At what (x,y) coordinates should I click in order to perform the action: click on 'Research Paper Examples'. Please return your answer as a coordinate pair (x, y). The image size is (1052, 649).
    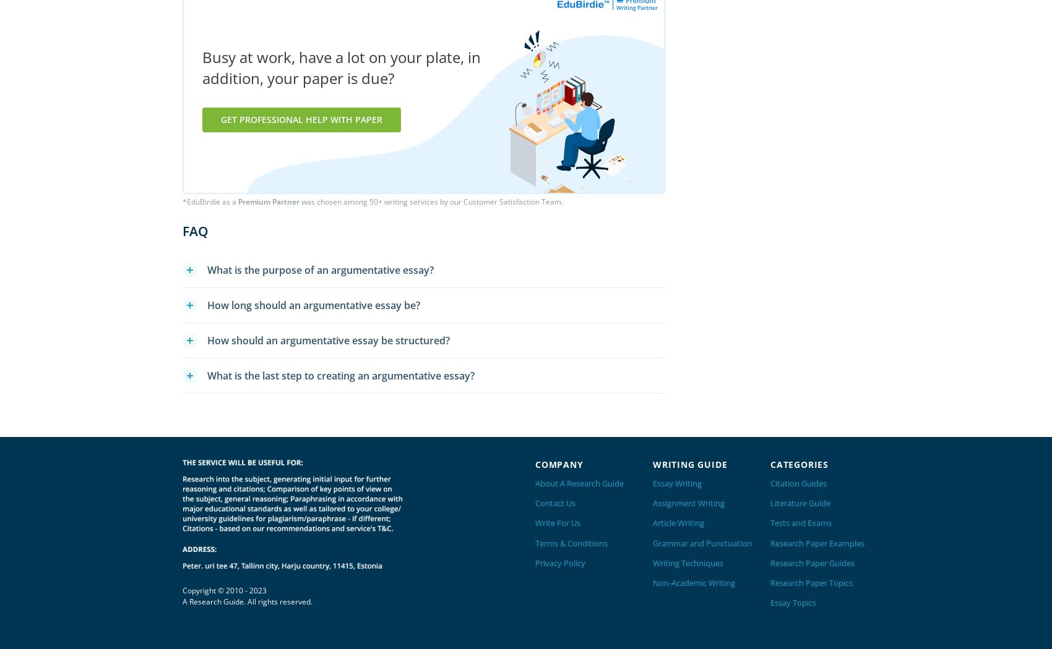
    Looking at the image, I should click on (817, 542).